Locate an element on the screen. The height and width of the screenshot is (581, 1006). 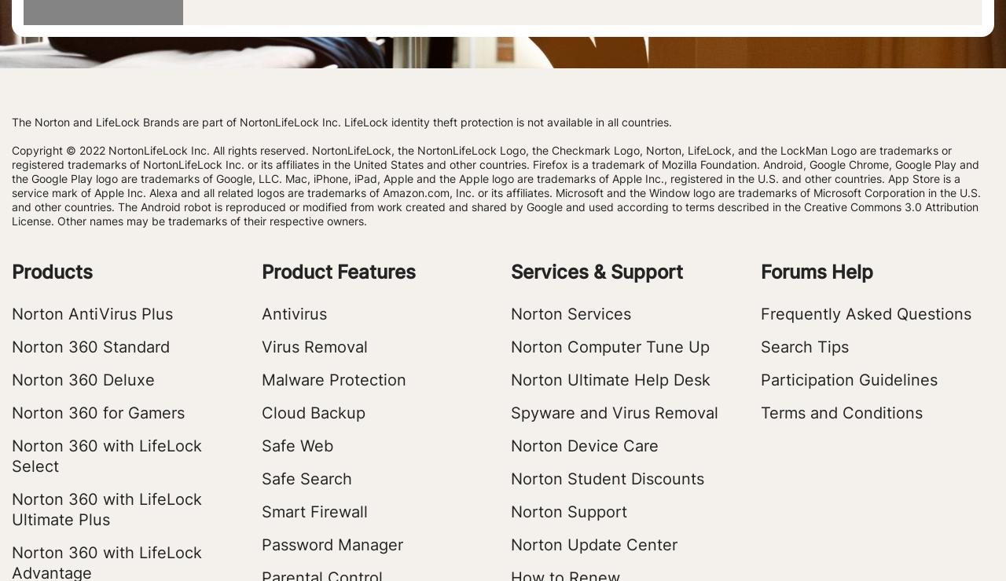
'Safe Web' is located at coordinates (296, 445).